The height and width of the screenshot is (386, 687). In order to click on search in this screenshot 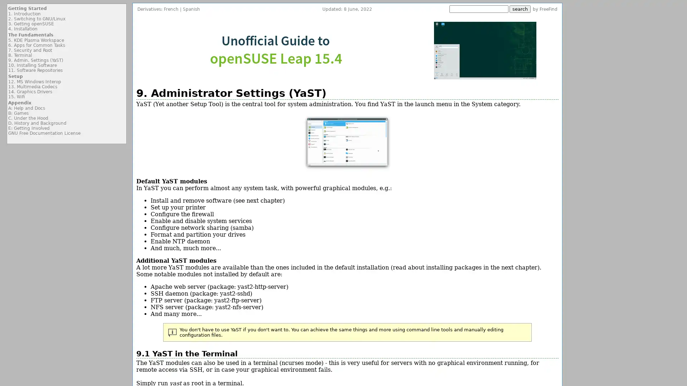, I will do `click(520, 9)`.